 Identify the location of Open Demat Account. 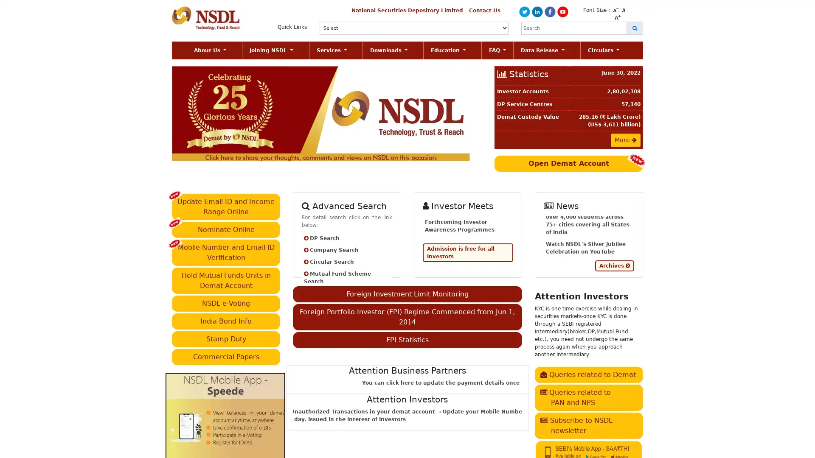
(568, 163).